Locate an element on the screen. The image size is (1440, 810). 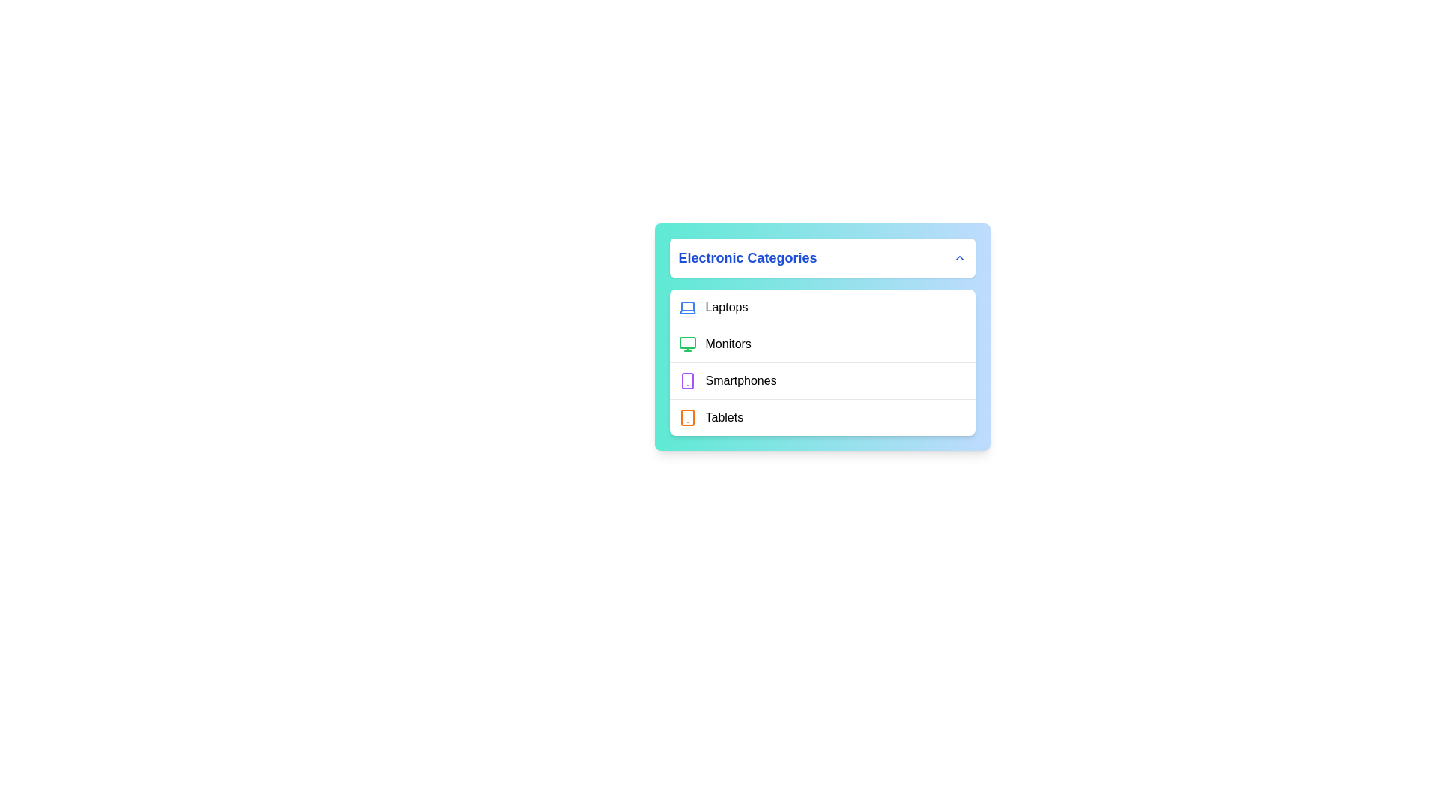
the small upward-pointing chevron icon with a blue outline located at the far right end of the 'Electronic Categories' header is located at coordinates (958, 256).